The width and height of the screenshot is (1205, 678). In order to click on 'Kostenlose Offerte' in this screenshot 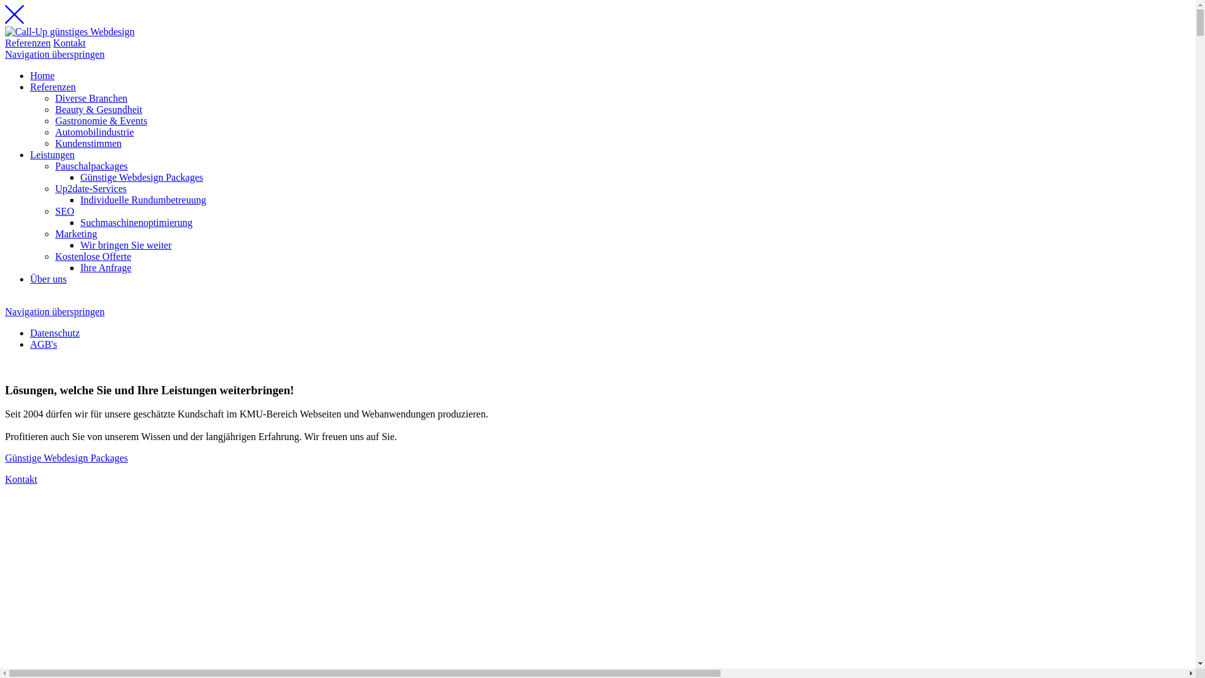, I will do `click(92, 256)`.